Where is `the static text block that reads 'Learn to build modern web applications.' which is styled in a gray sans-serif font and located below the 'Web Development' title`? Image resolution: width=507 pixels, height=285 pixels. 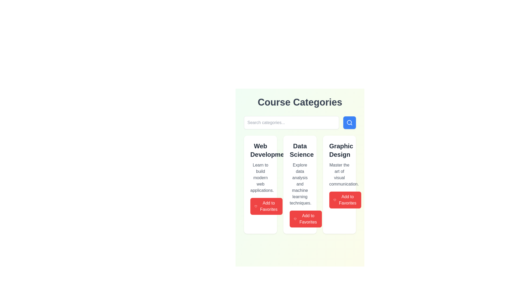
the static text block that reads 'Learn to build modern web applications.' which is styled in a gray sans-serif font and located below the 'Web Development' title is located at coordinates (260, 178).